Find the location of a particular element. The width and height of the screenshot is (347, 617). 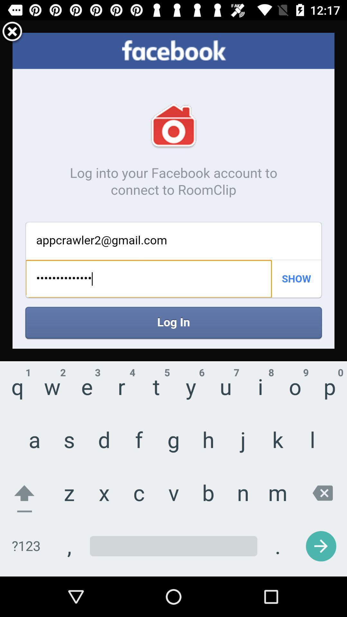

this button in exit key is located at coordinates (12, 32).